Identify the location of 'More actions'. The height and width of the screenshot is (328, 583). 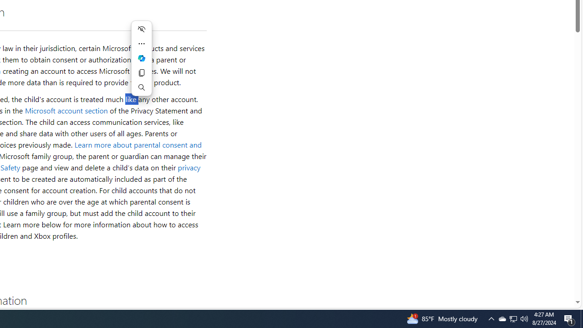
(141, 44).